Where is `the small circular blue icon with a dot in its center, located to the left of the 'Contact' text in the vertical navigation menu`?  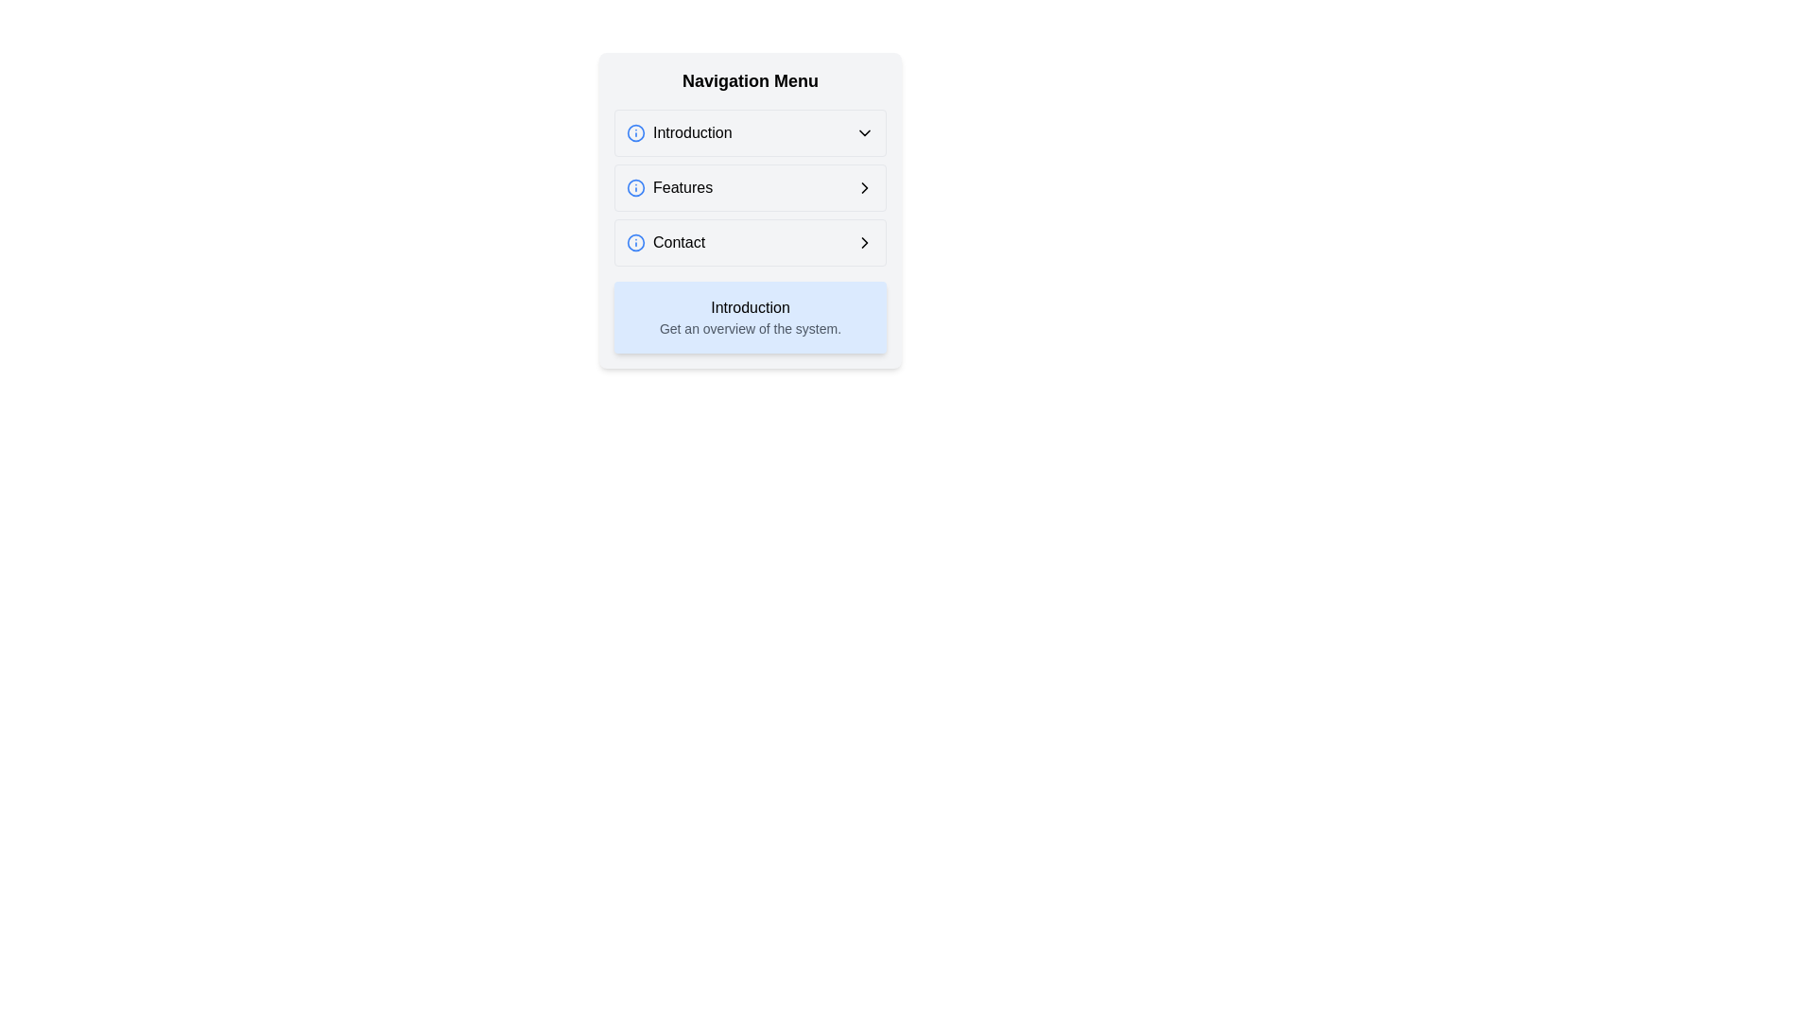
the small circular blue icon with a dot in its center, located to the left of the 'Contact' text in the vertical navigation menu is located at coordinates (635, 242).